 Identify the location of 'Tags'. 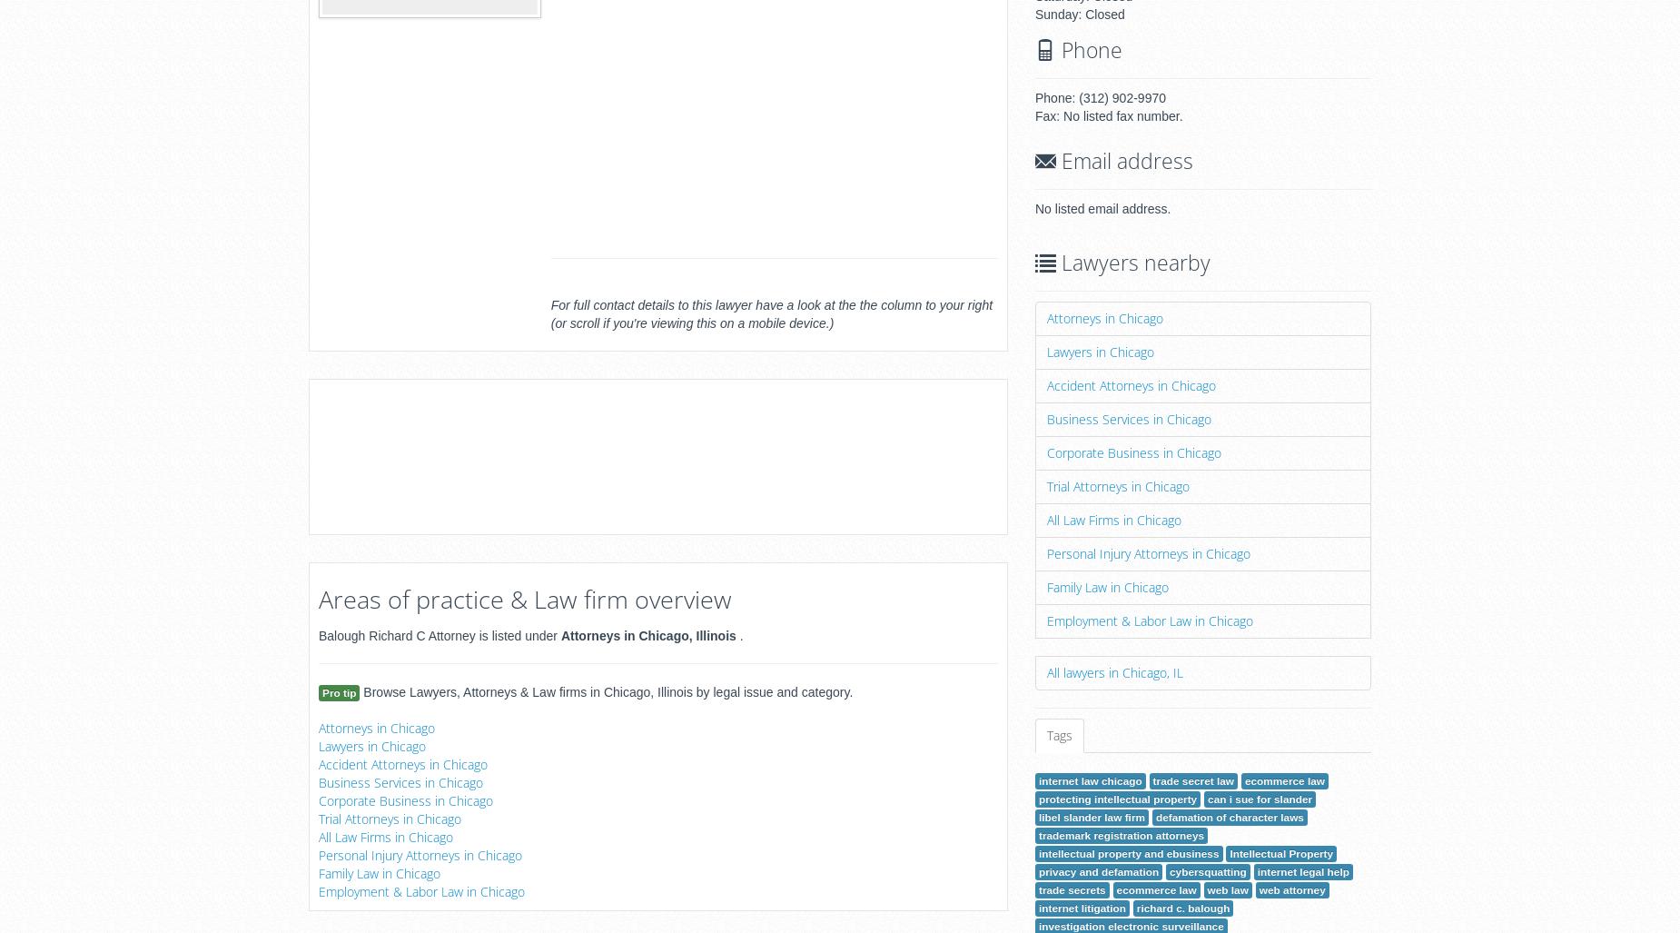
(1058, 735).